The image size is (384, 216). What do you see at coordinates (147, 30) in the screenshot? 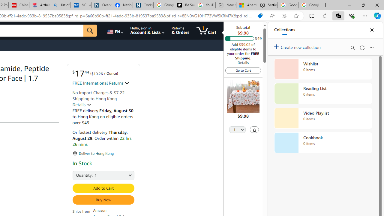
I see `'Hello, sign in Account & Lists'` at bounding box center [147, 30].